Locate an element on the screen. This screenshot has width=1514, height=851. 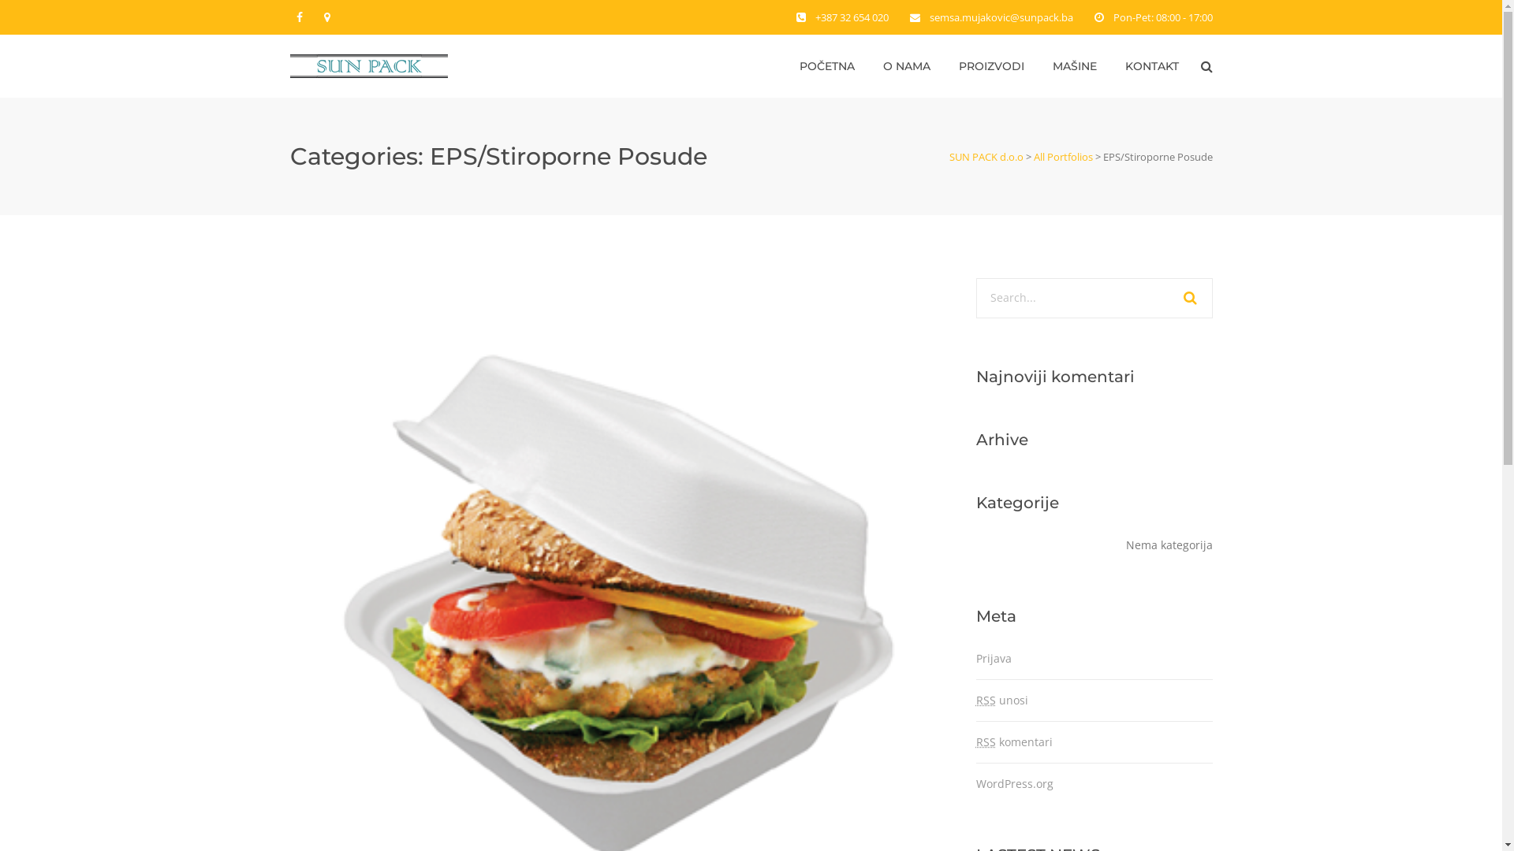
'Prijava' is located at coordinates (993, 658).